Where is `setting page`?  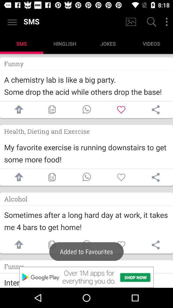
setting page is located at coordinates (155, 244).